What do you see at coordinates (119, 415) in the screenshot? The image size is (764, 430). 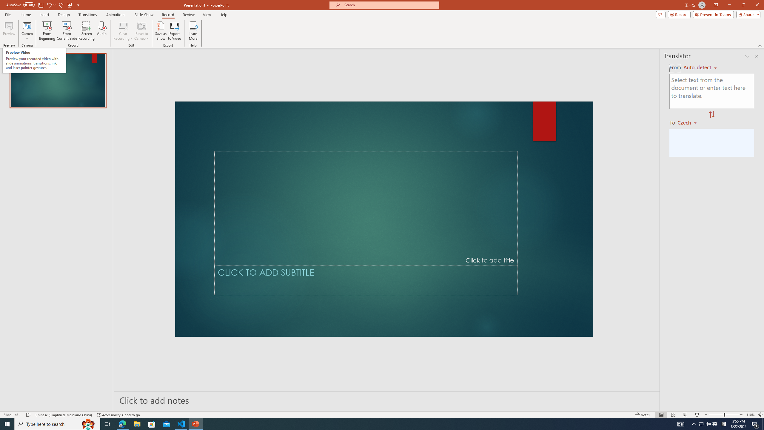 I see `'Accessibility Checker Accessibility: Good to go'` at bounding box center [119, 415].